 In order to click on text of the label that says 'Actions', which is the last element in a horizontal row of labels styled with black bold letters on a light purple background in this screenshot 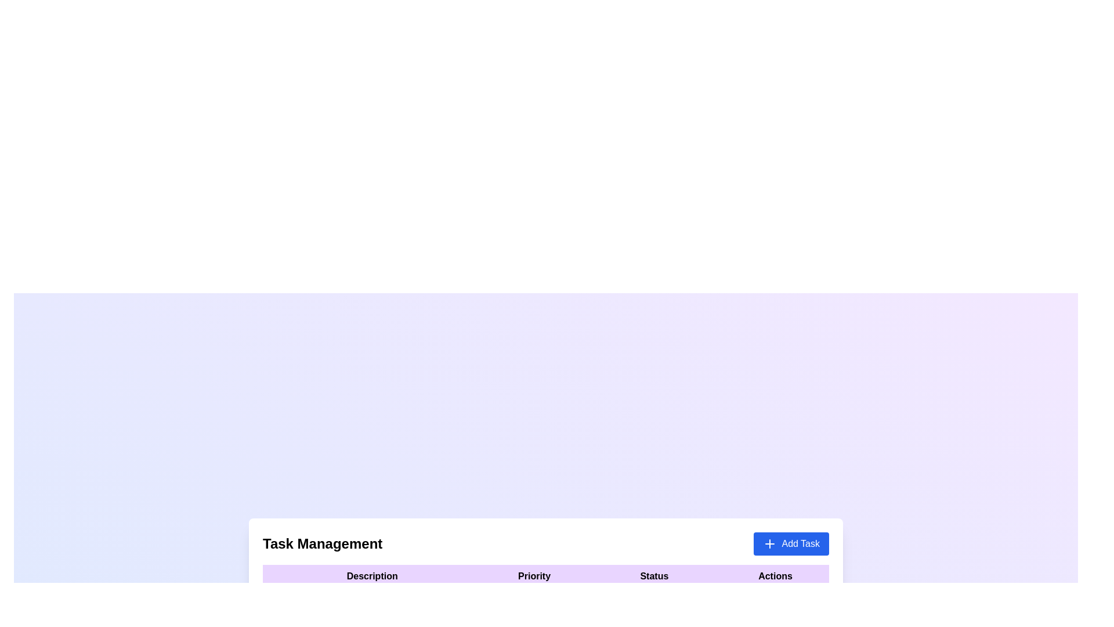, I will do `click(775, 576)`.